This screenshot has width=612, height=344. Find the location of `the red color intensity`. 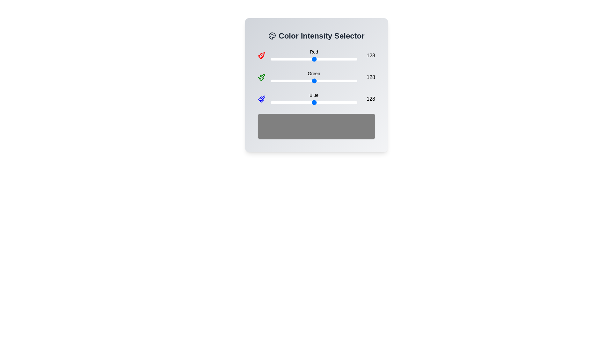

the red color intensity is located at coordinates (274, 59).